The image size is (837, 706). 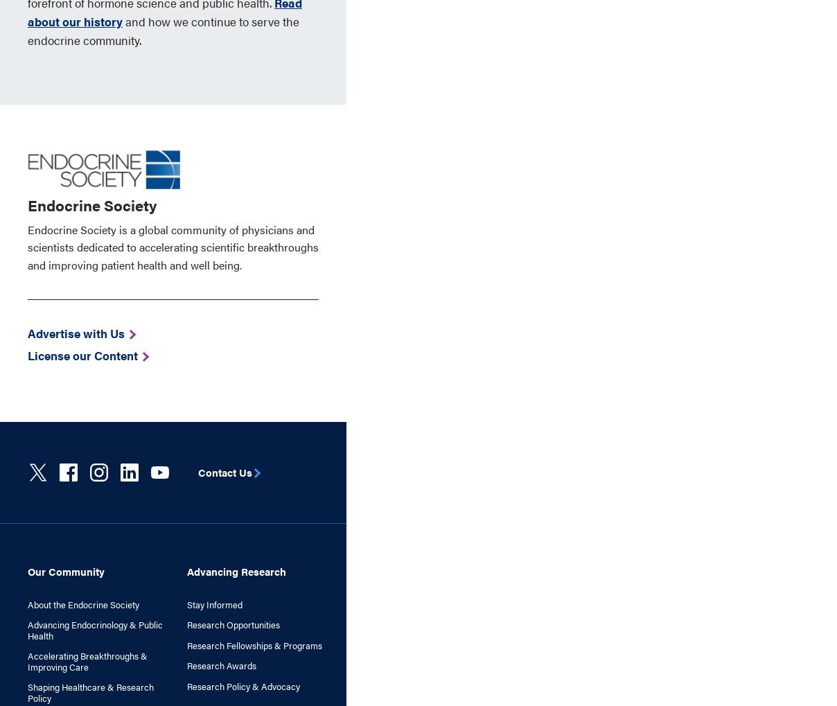 I want to click on 'Our Community', so click(x=65, y=570).